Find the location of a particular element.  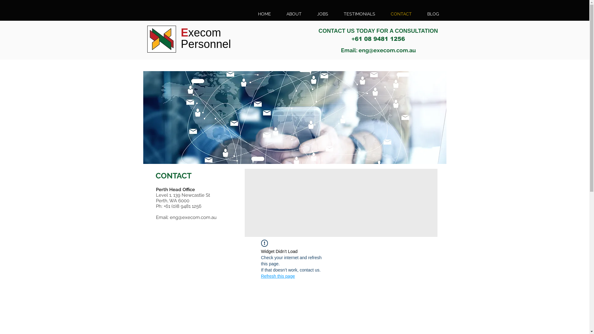

'ABOUT' is located at coordinates (293, 14).